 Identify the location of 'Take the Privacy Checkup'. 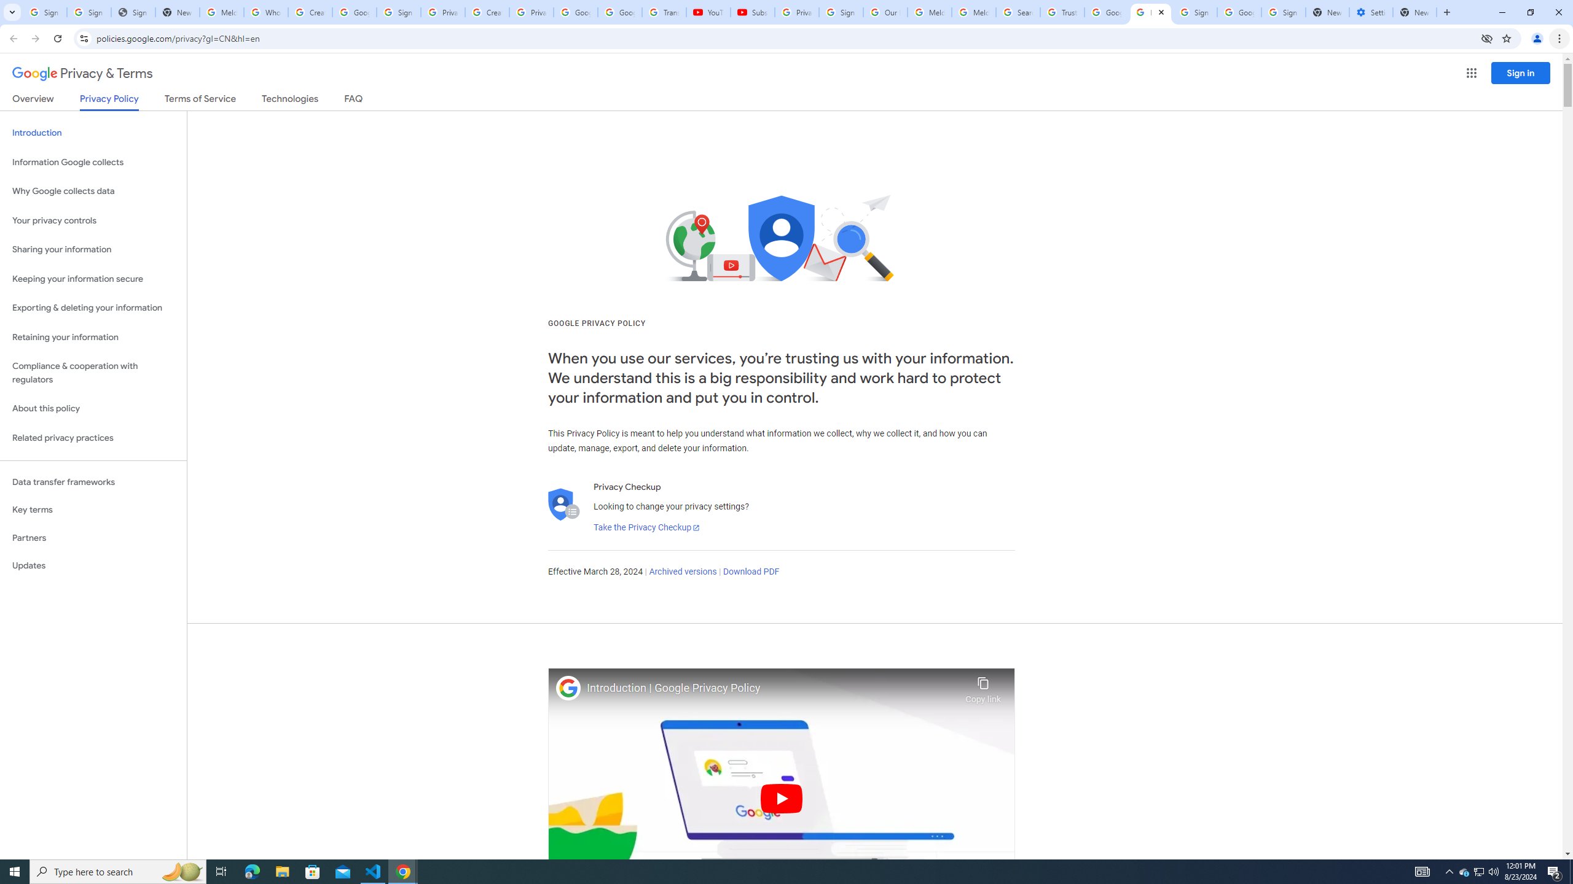
(646, 527).